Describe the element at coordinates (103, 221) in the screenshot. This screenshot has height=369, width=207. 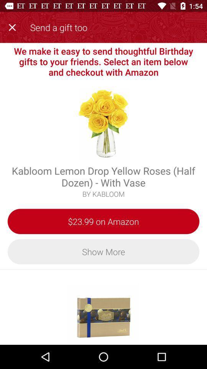
I see `item below by kabloom icon` at that location.